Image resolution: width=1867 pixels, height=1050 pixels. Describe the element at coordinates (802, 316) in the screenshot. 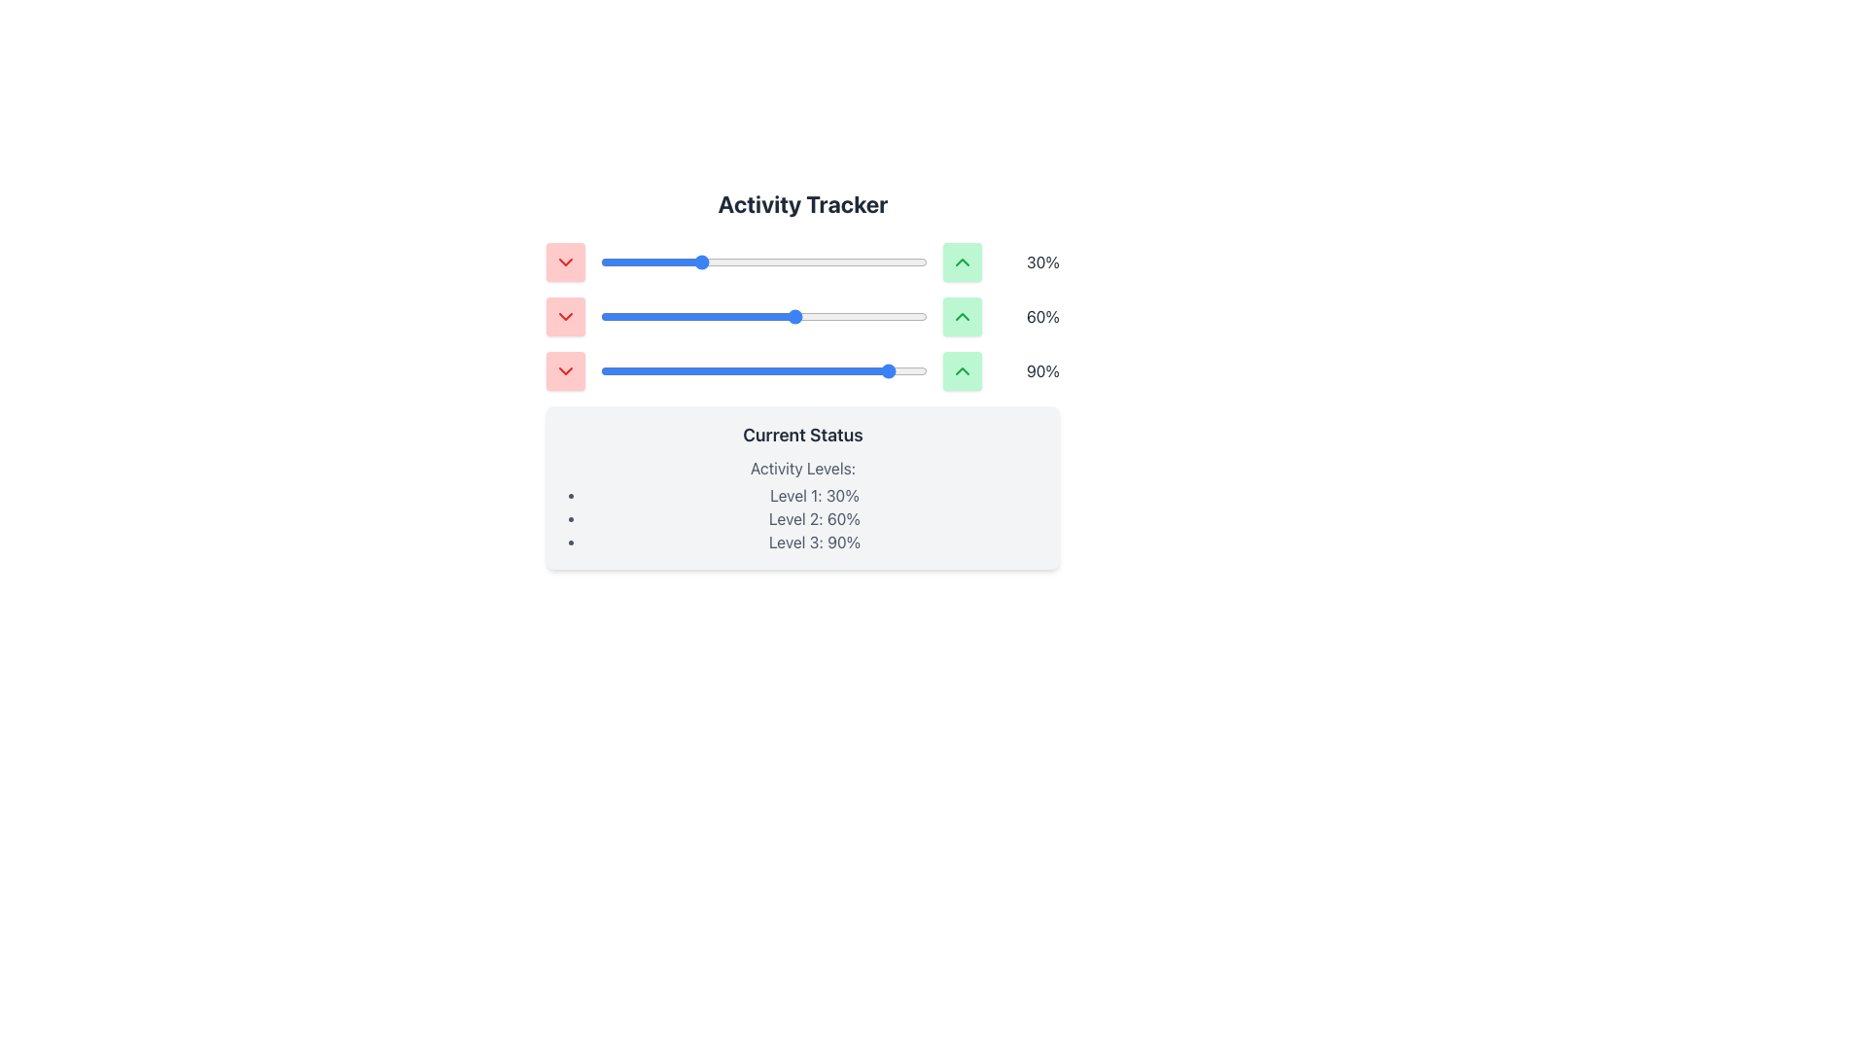

I see `the slider that adjusts values between 0% and 100%, located in the middle of a group of three similar sliders` at that location.